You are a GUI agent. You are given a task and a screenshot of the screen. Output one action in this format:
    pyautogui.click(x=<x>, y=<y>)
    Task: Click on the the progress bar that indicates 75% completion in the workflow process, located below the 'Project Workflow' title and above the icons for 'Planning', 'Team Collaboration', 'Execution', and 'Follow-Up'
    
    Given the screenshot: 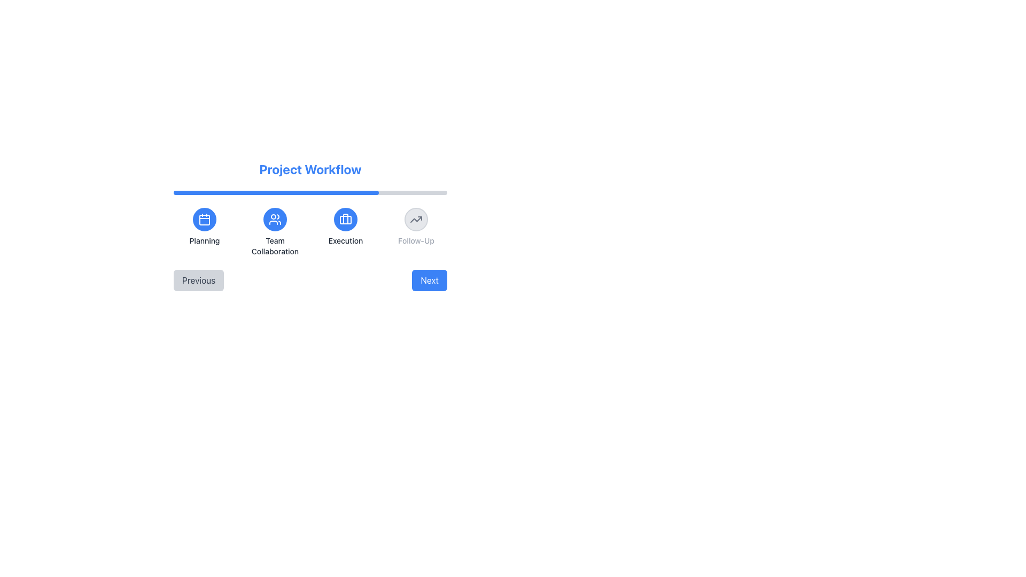 What is the action you would take?
    pyautogui.click(x=309, y=193)
    